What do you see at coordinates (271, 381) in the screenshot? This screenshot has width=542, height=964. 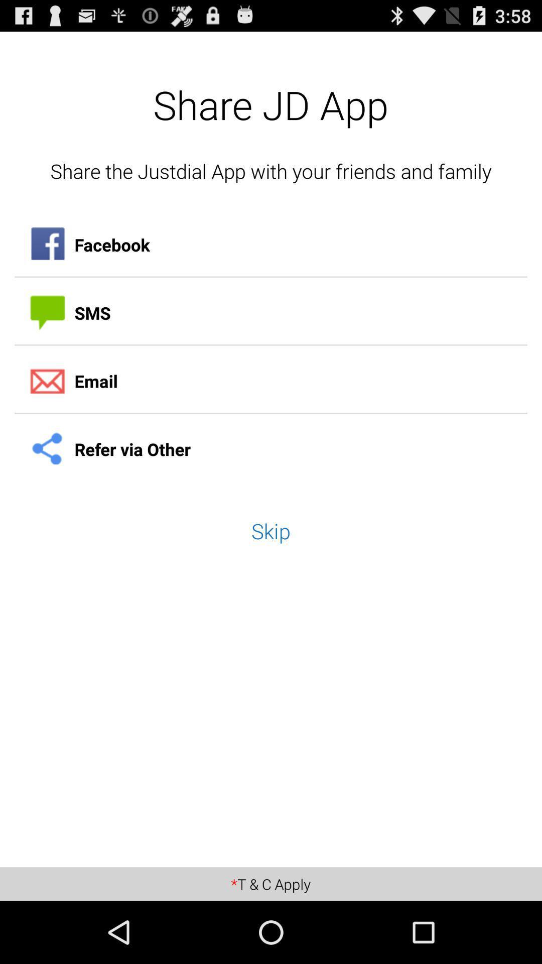 I see `the button below sms button` at bounding box center [271, 381].